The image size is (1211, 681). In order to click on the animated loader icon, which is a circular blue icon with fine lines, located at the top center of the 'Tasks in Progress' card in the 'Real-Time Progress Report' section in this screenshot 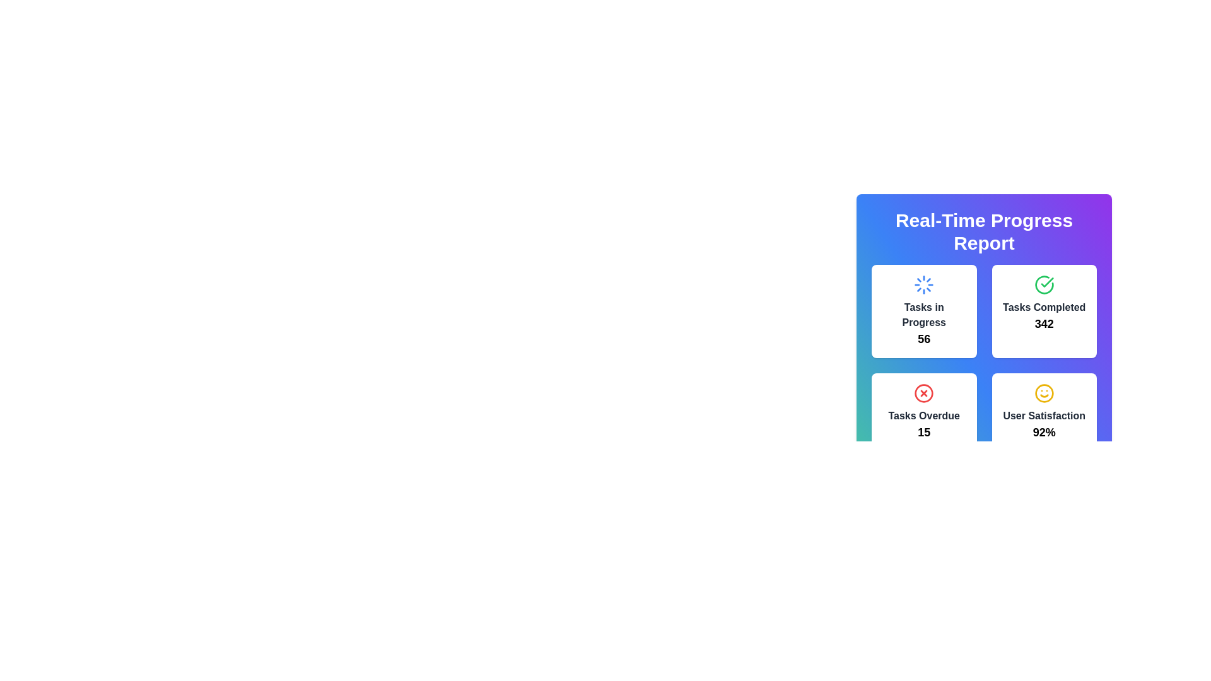, I will do `click(924, 284)`.